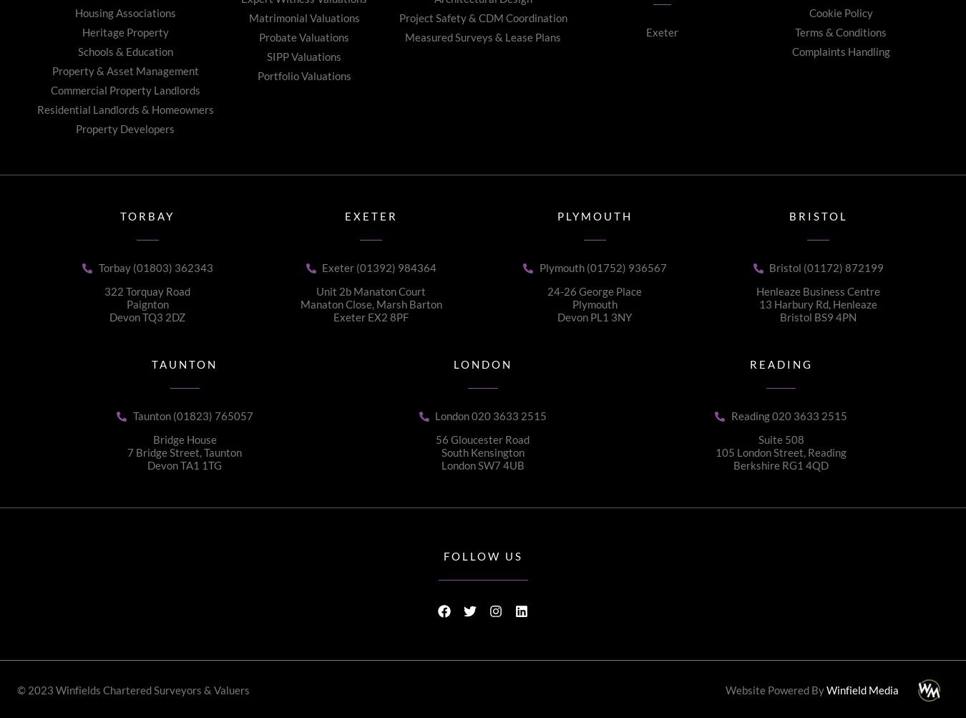  Describe the element at coordinates (789, 415) in the screenshot. I see `'Reading 020 3633 2515'` at that location.